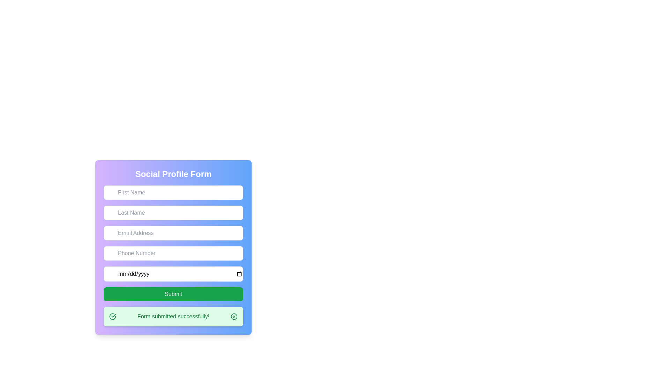 This screenshot has height=377, width=670. Describe the element at coordinates (112, 316) in the screenshot. I see `the success icon located on the left side of the success message box that confirms 'Form submitted successfully!'` at that location.